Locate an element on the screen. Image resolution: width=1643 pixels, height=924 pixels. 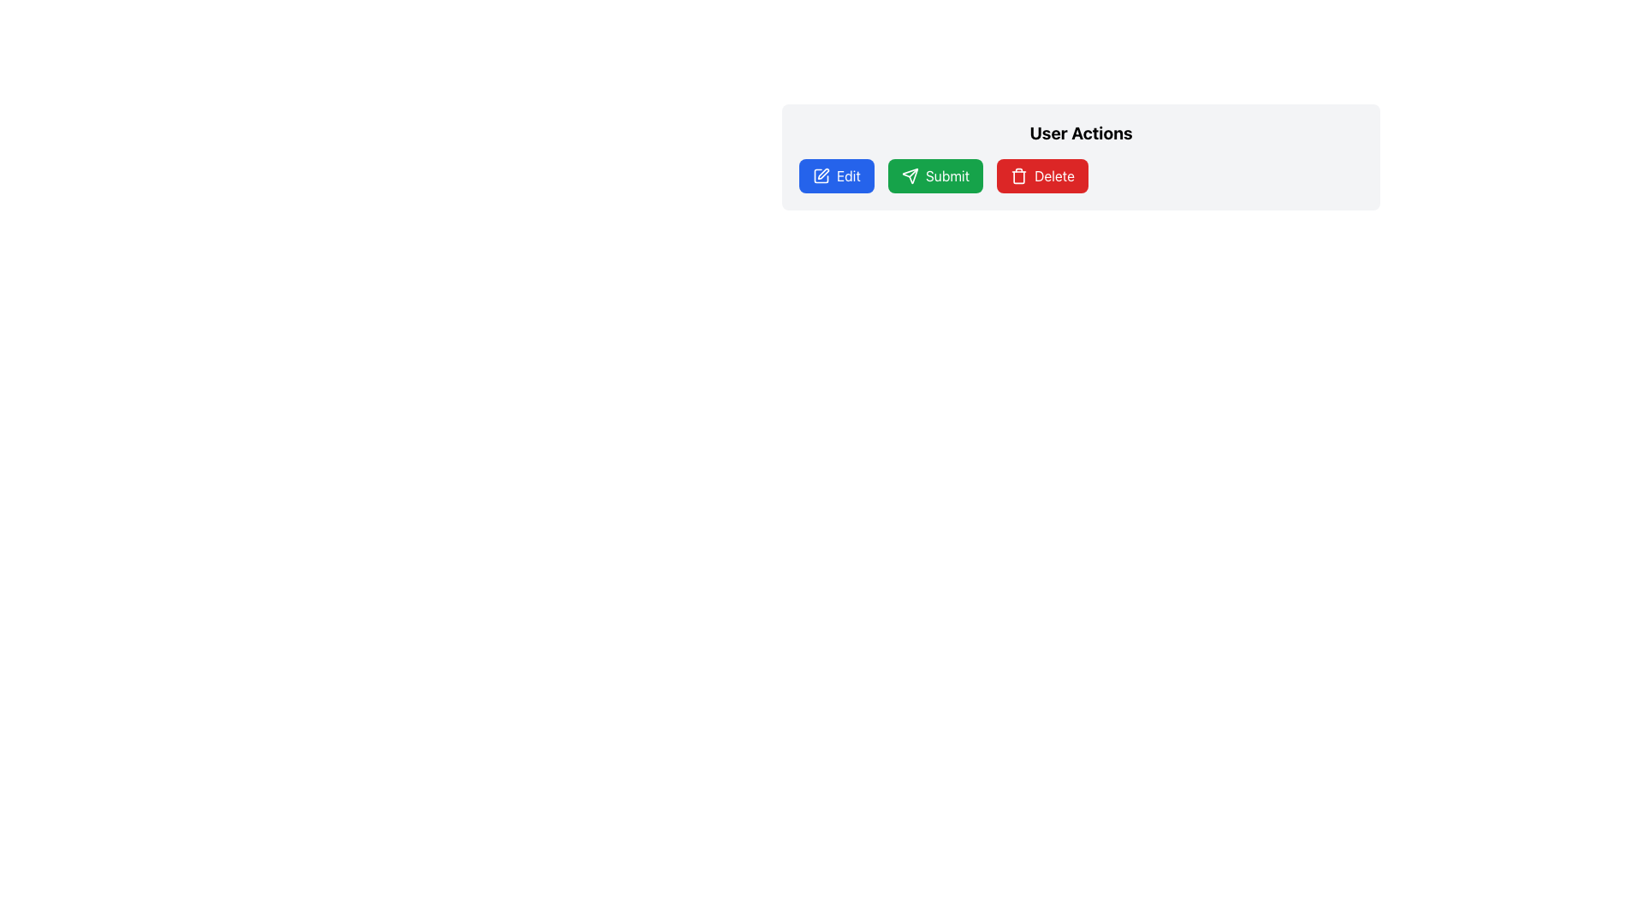
the delete button located to the right of the green 'Submit' button is located at coordinates (1041, 175).